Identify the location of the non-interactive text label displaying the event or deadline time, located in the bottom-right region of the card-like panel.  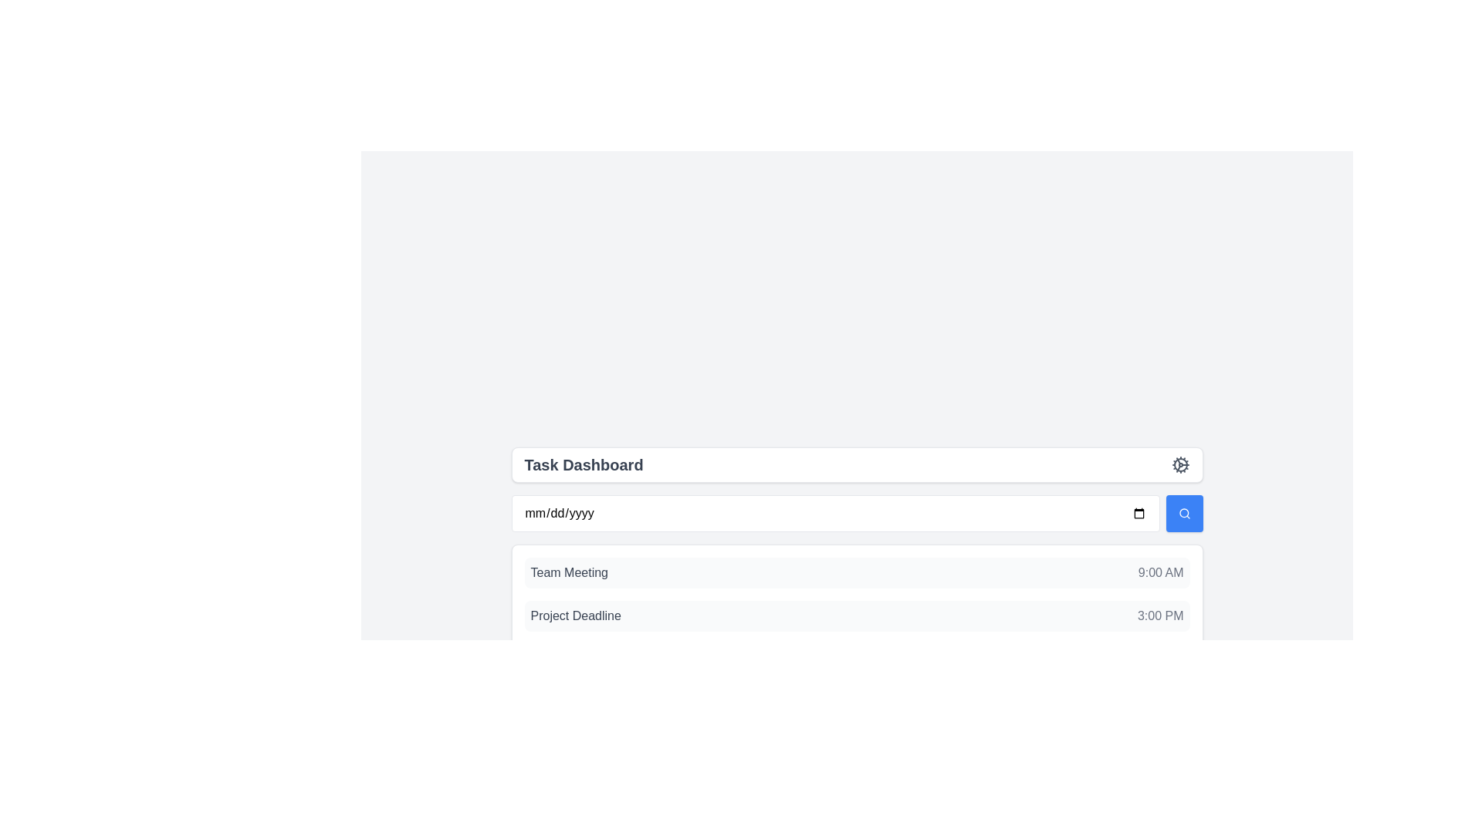
(1160, 615).